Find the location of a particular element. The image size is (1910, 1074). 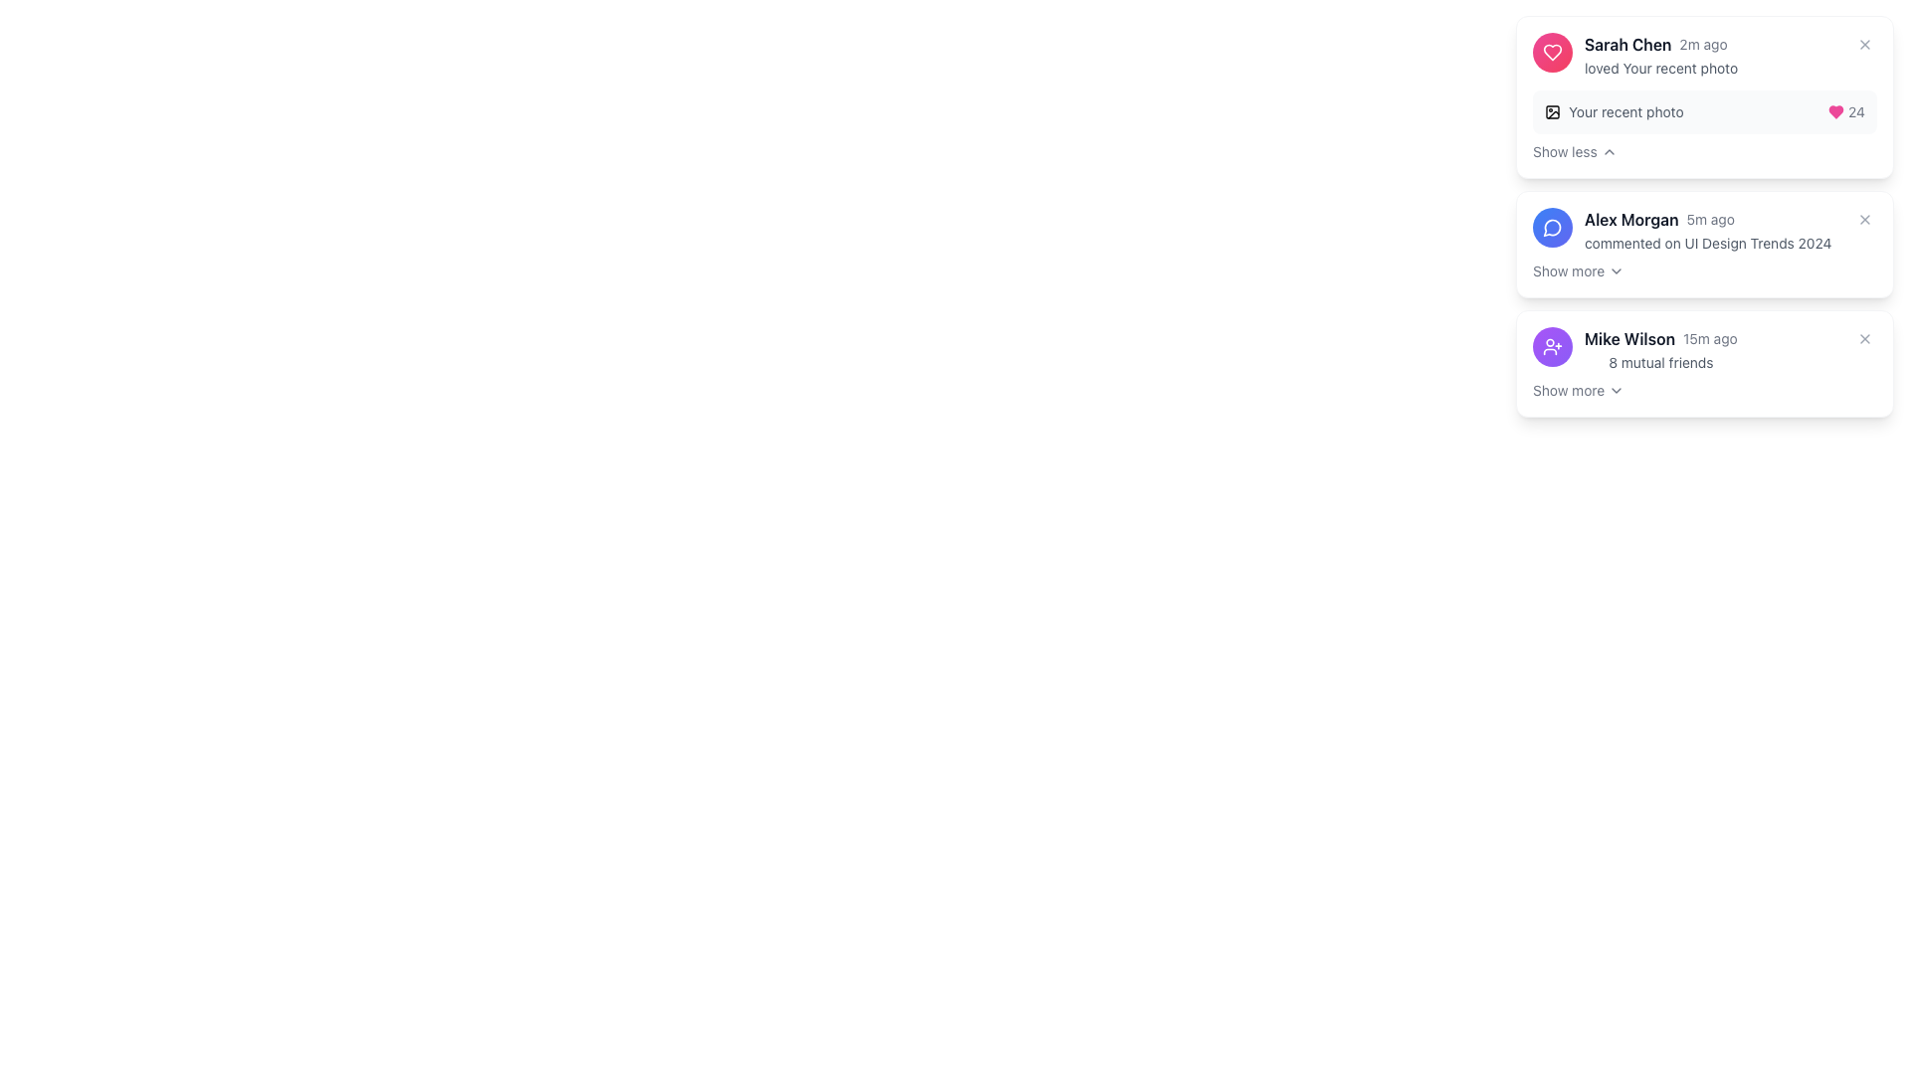

the small circular button with a gray background and an 'X' icon located at the top-right corner of the card associated with 'Mike Wilson' to change the background color is located at coordinates (1864, 337).